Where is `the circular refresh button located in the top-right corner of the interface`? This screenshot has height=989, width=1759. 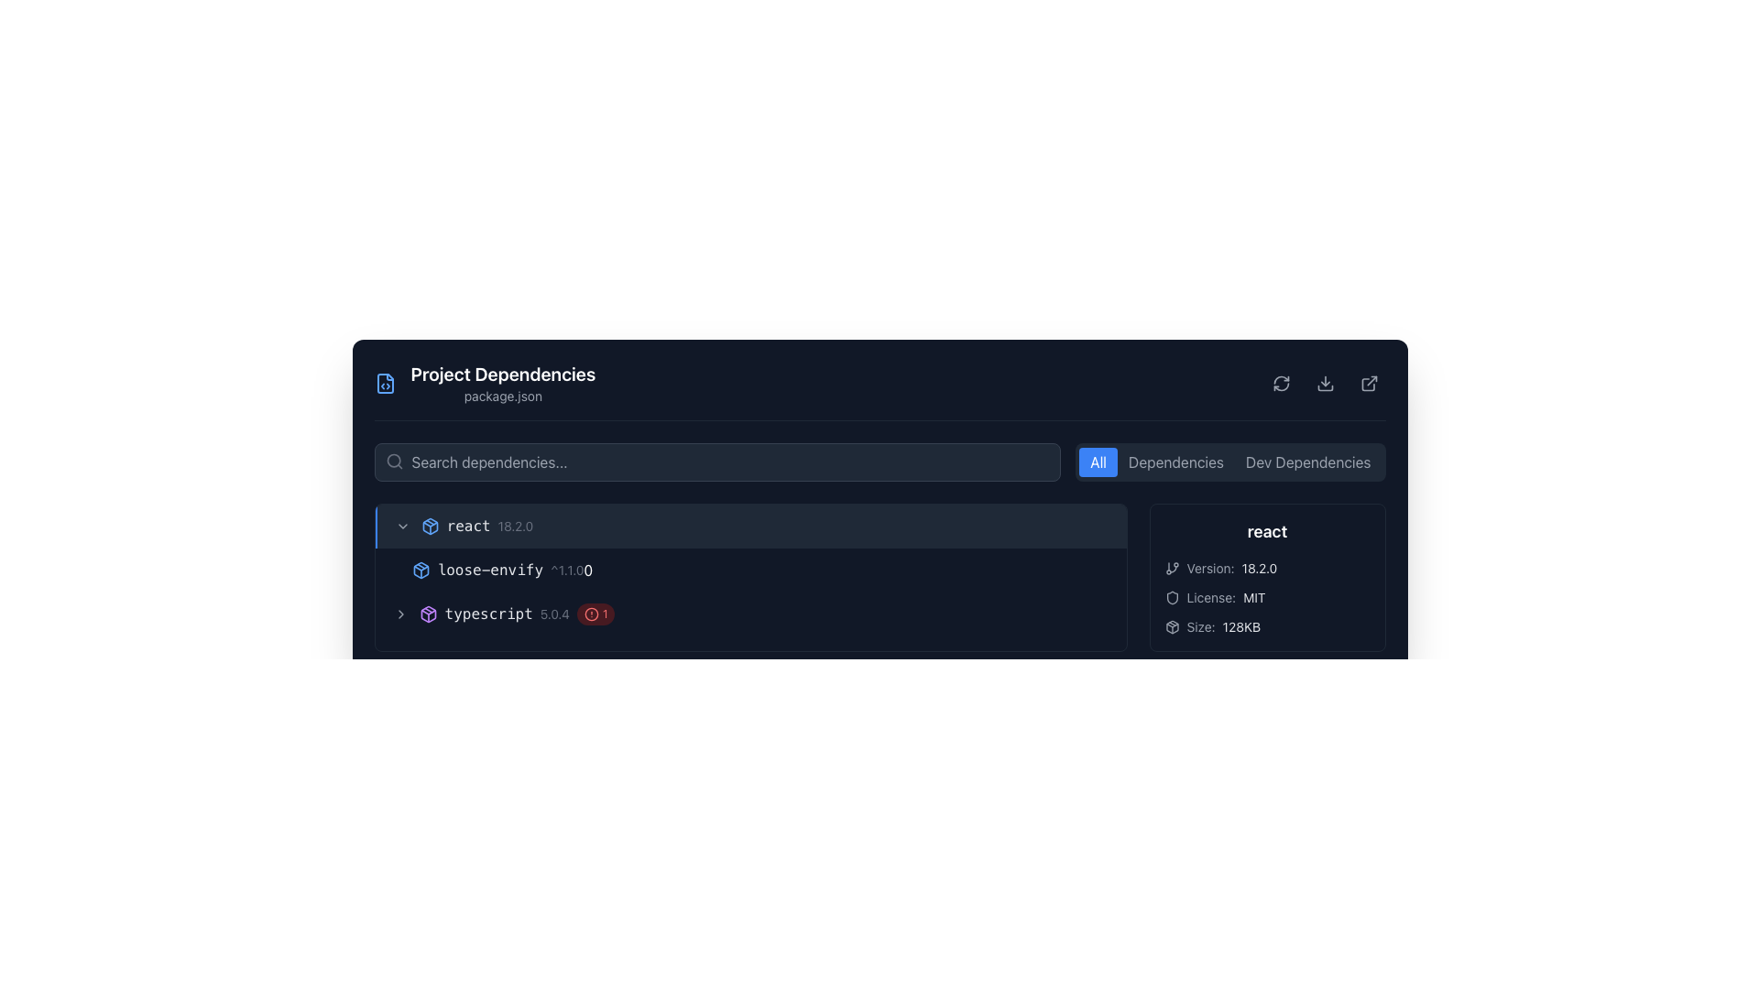 the circular refresh button located in the top-right corner of the interface is located at coordinates (1280, 383).